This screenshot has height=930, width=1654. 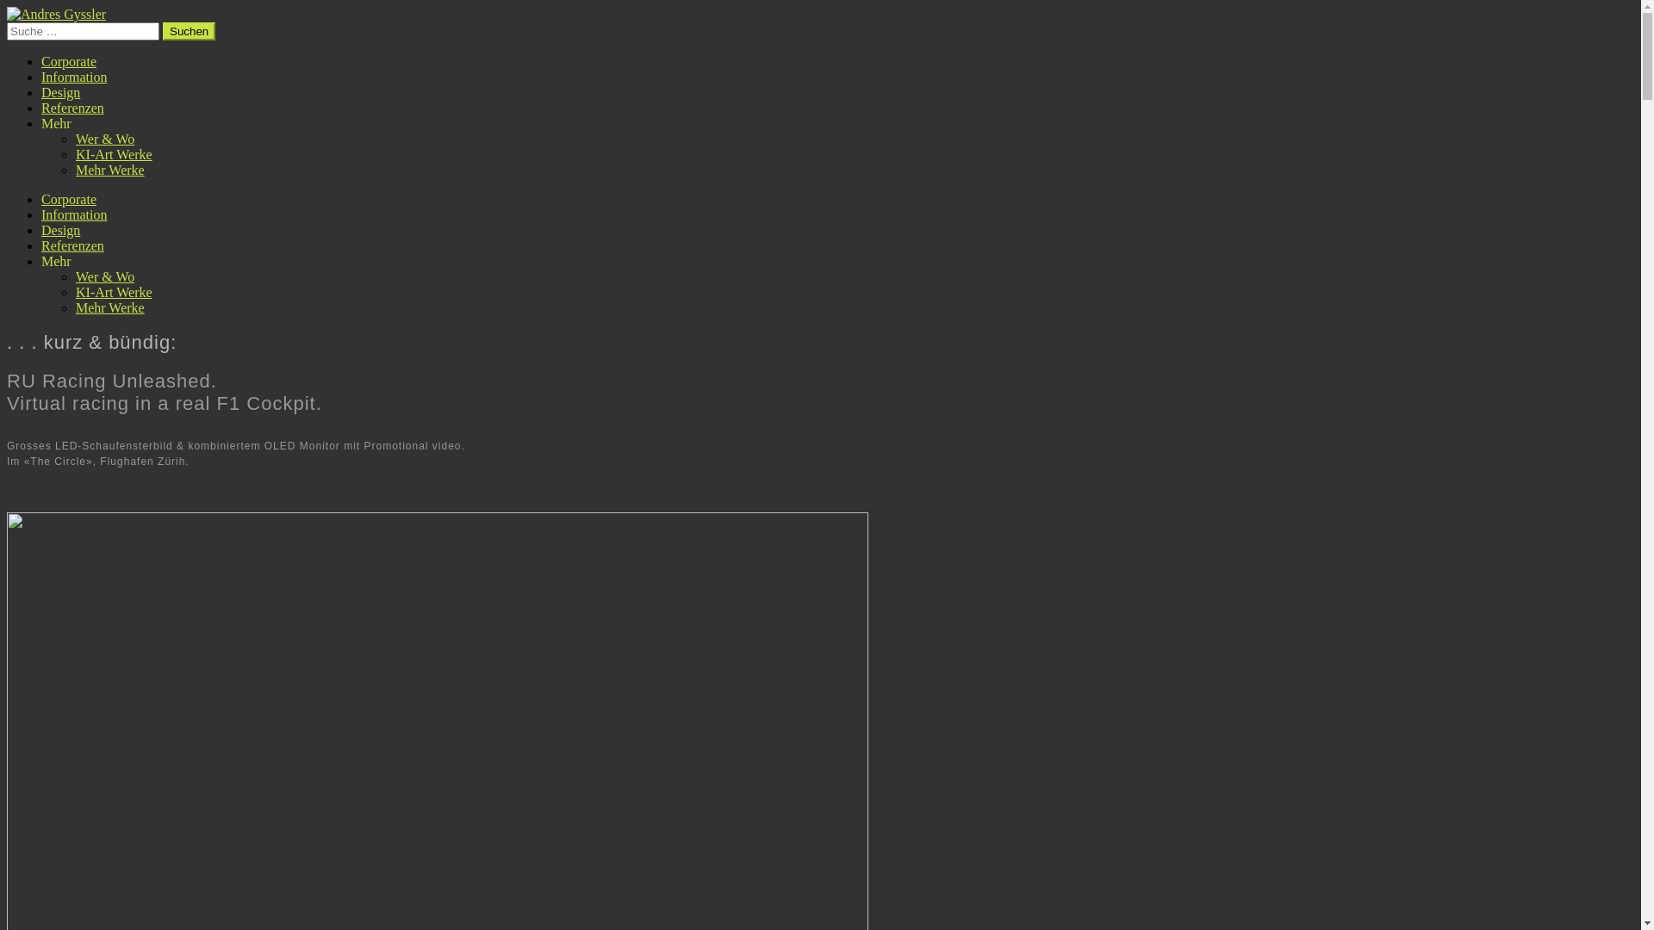 What do you see at coordinates (73, 76) in the screenshot?
I see `'Information'` at bounding box center [73, 76].